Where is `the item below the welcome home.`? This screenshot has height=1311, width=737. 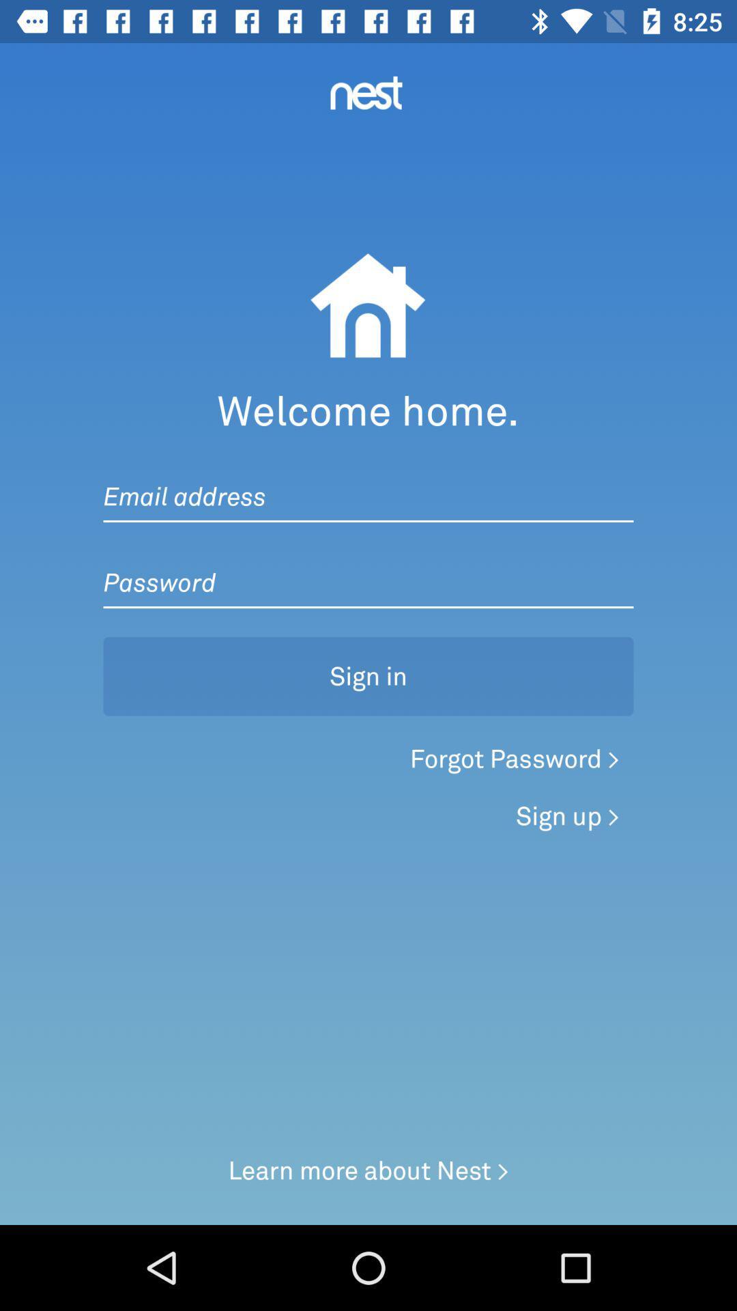 the item below the welcome home. is located at coordinates (369, 483).